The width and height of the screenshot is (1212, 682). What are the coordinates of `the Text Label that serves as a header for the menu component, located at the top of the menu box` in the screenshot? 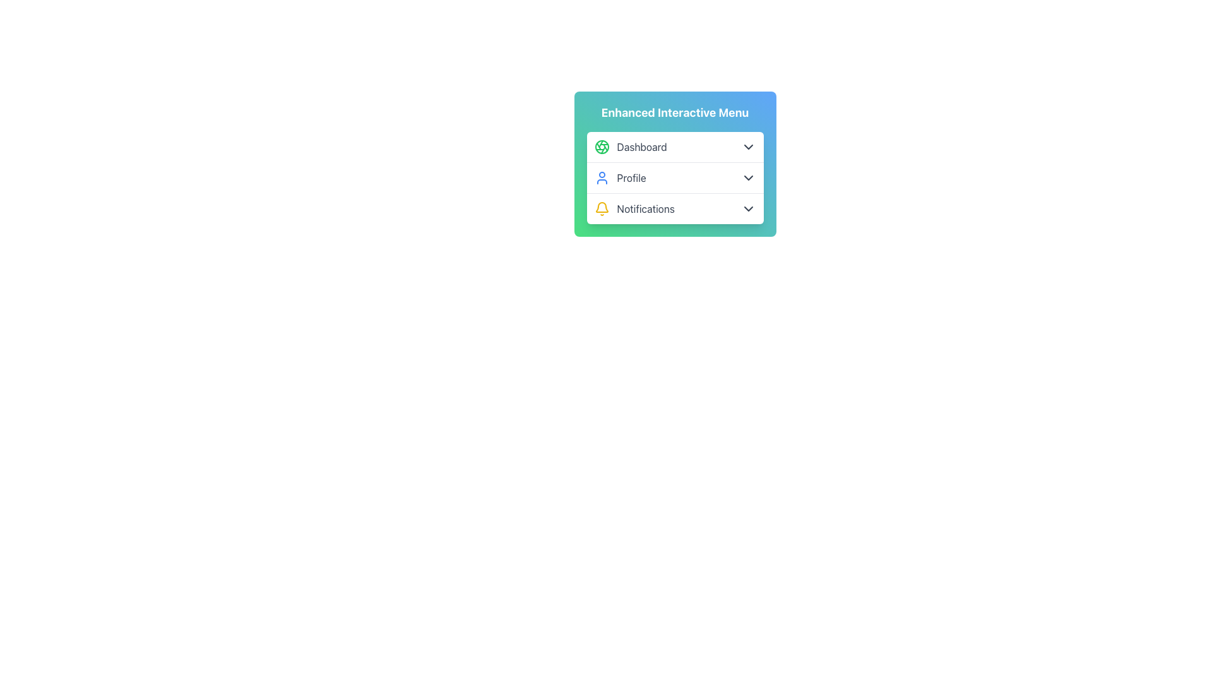 It's located at (674, 112).